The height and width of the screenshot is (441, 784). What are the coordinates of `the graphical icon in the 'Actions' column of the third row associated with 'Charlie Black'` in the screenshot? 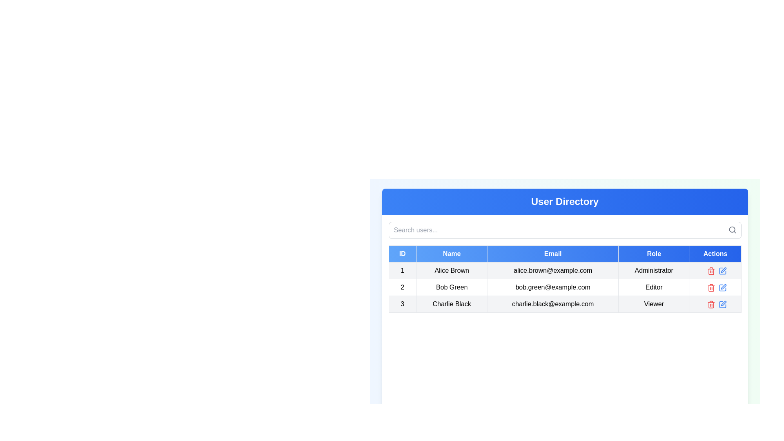 It's located at (723, 304).